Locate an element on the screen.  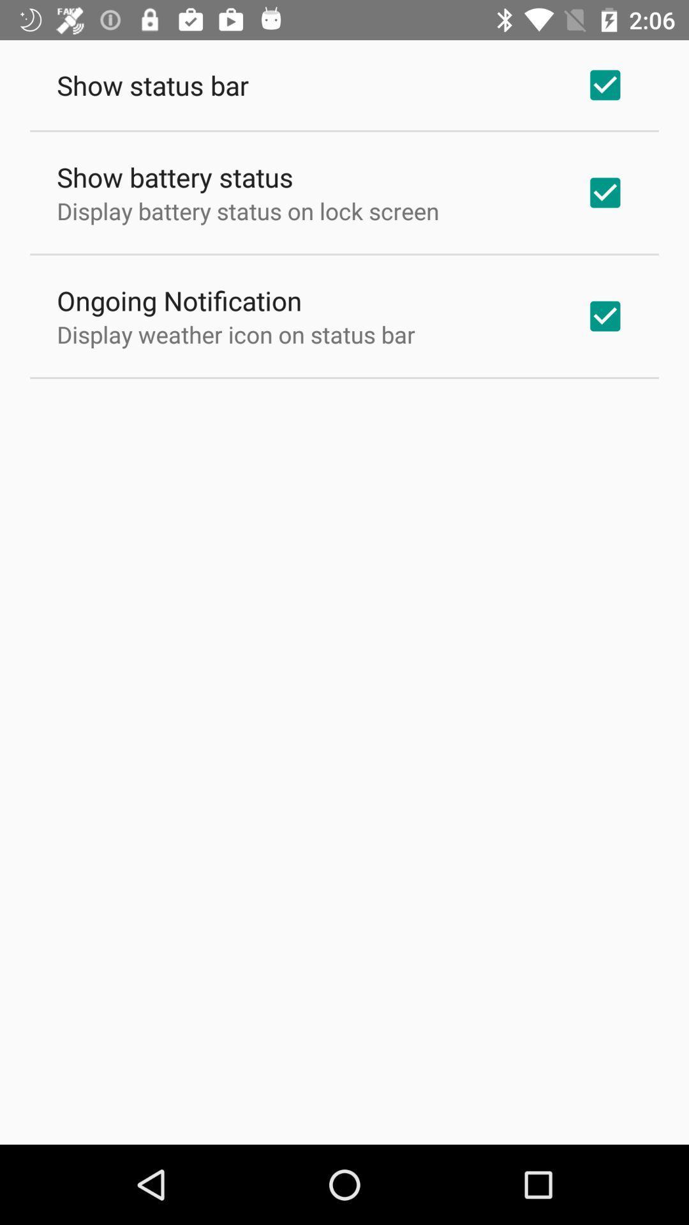
the icon above display weather icon app is located at coordinates (179, 299).